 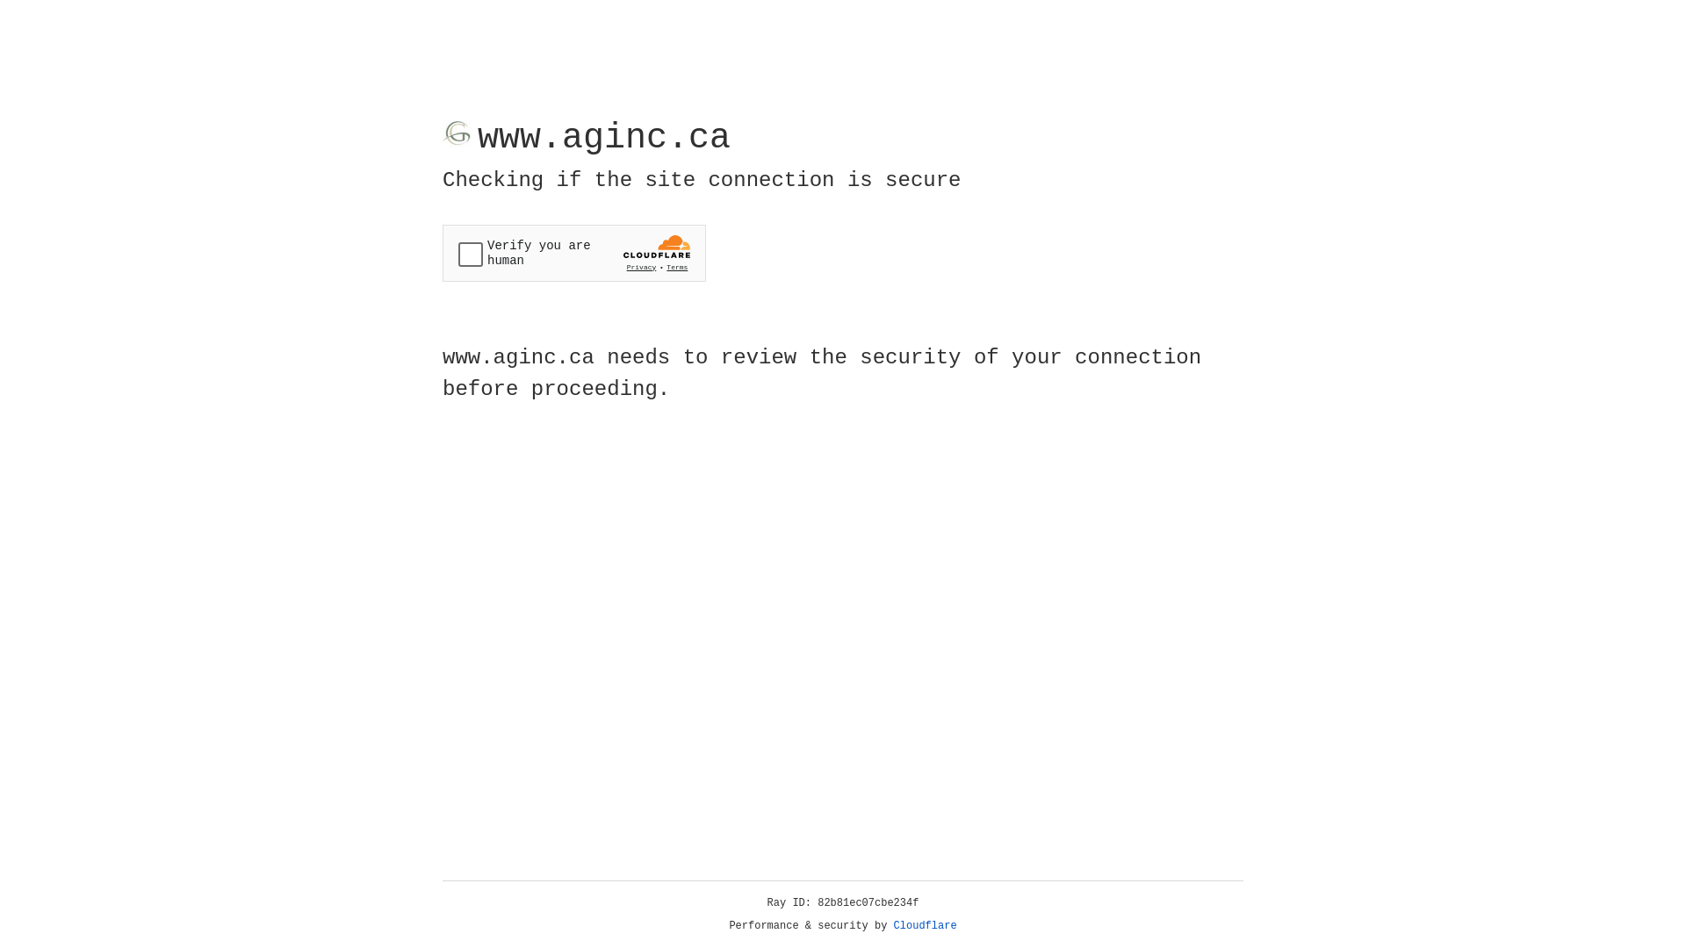 What do you see at coordinates (925, 925) in the screenshot?
I see `'Cloudflare'` at bounding box center [925, 925].